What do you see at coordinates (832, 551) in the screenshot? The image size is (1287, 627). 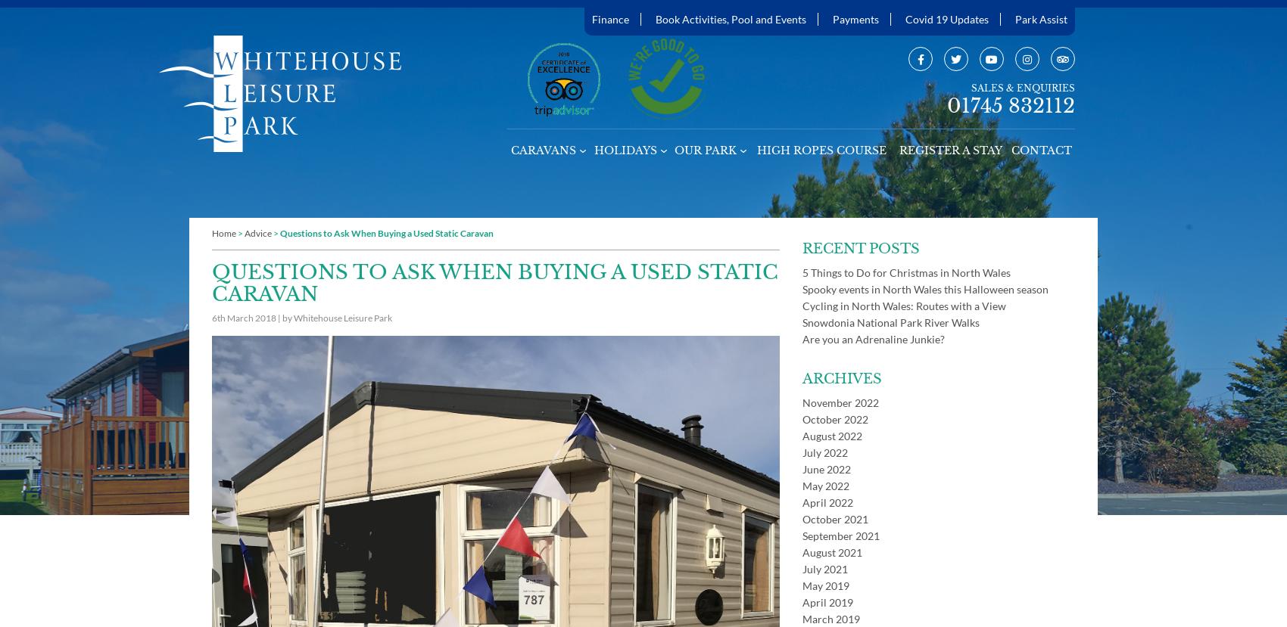 I see `'August 2021'` at bounding box center [832, 551].